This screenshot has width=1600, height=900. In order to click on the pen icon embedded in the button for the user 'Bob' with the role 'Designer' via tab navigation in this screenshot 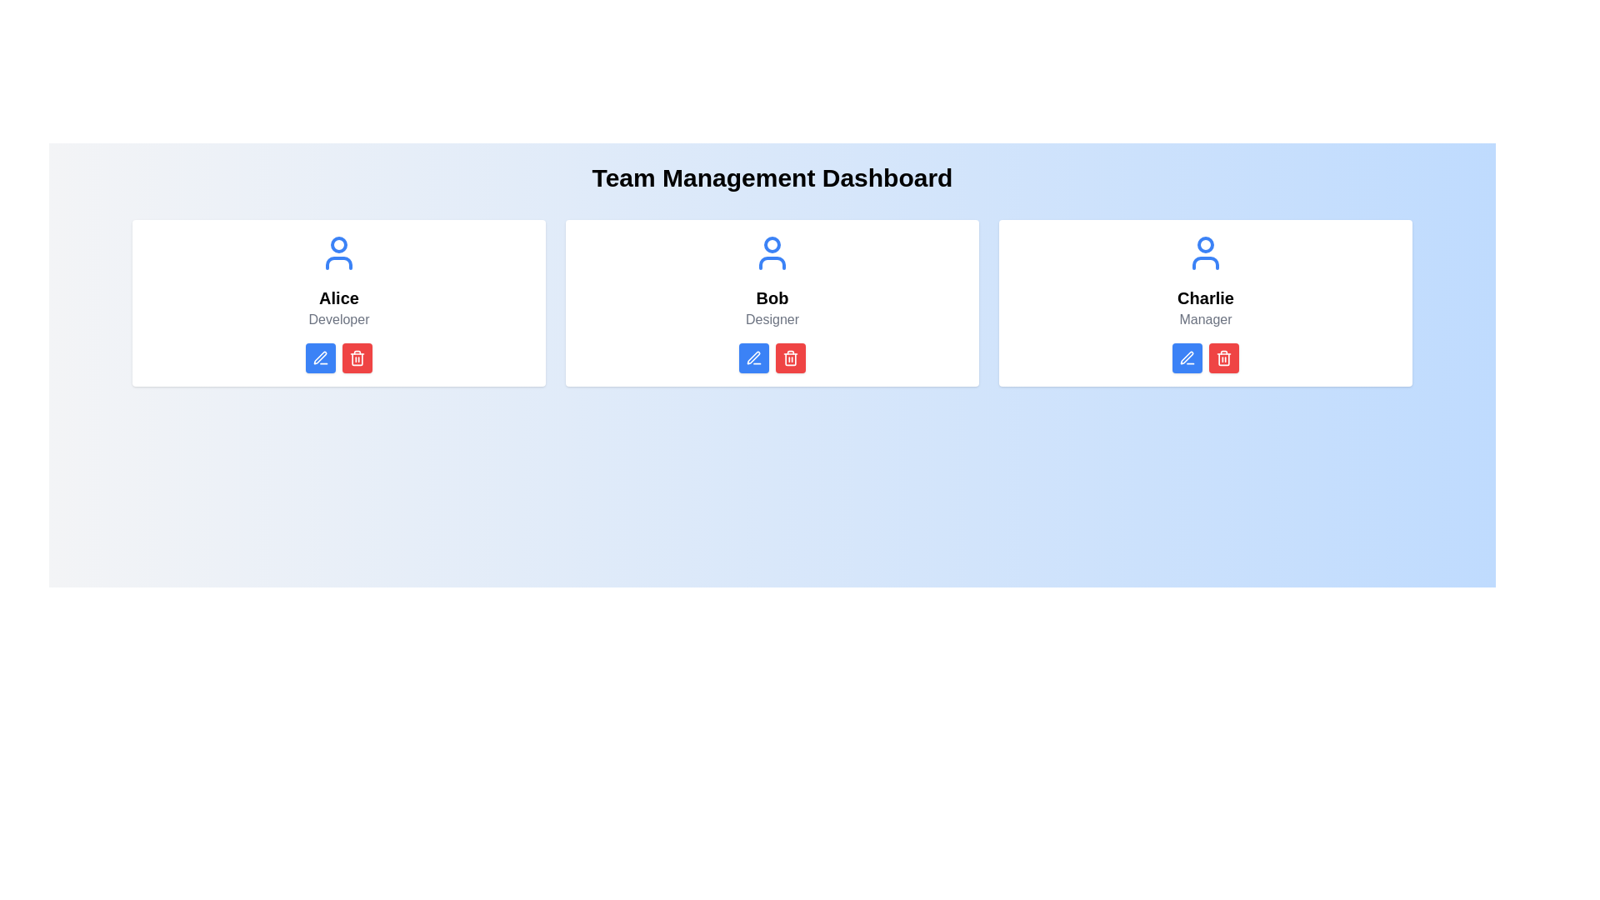, I will do `click(752, 357)`.